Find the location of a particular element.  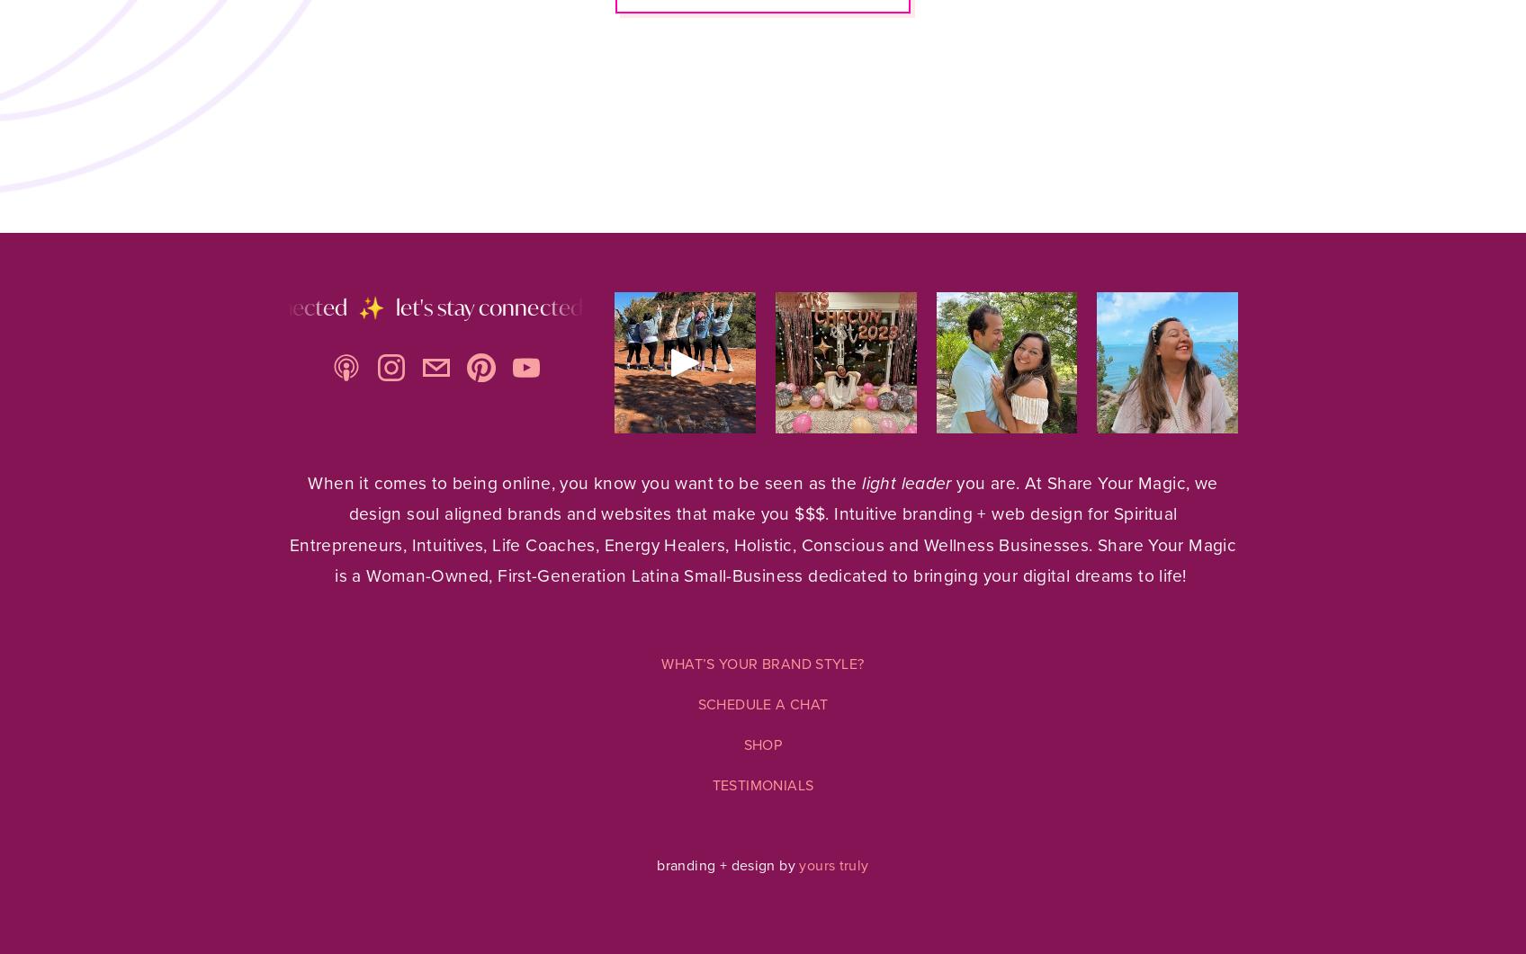

'SCHEDULE A CHAT' is located at coordinates (761, 704).